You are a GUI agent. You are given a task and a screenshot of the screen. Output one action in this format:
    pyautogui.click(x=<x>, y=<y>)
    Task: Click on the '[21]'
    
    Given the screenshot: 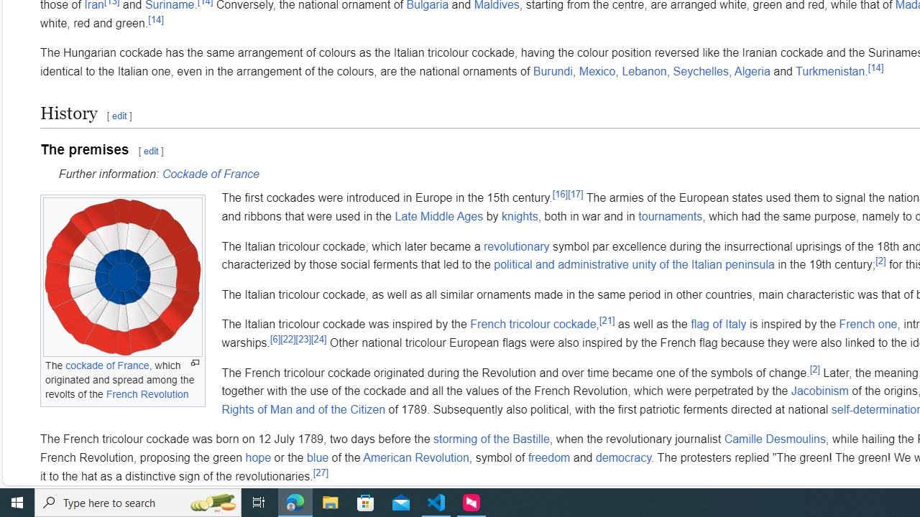 What is the action you would take?
    pyautogui.click(x=607, y=320)
    